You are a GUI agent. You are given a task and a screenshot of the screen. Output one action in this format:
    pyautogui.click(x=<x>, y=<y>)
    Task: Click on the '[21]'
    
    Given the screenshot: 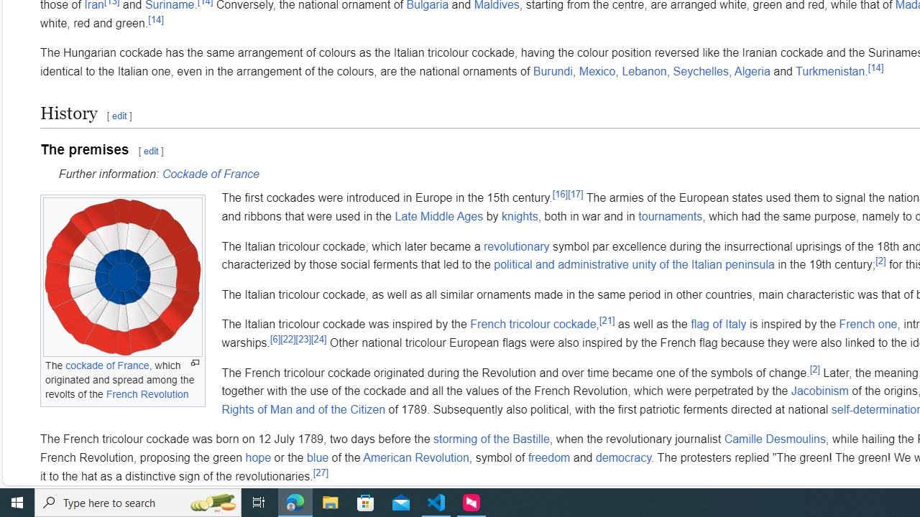 What is the action you would take?
    pyautogui.click(x=607, y=320)
    